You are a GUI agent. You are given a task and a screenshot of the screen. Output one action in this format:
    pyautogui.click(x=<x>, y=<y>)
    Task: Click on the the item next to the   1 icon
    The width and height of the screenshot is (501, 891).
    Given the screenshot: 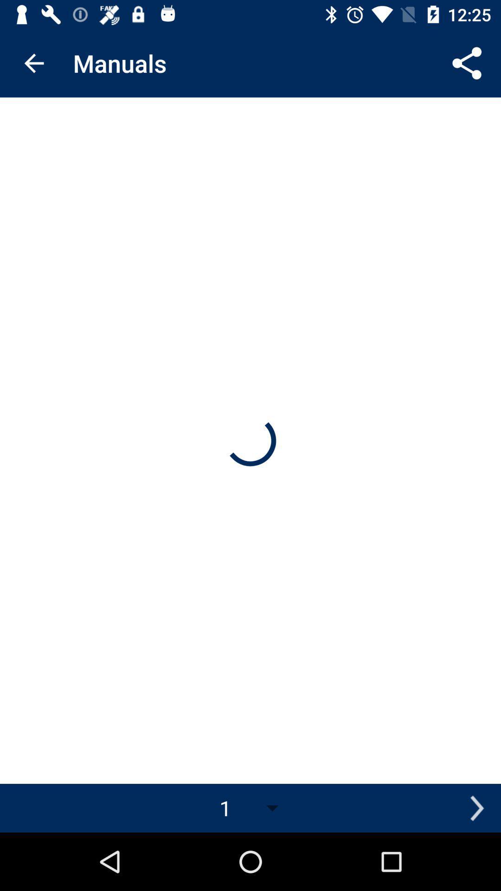 What is the action you would take?
    pyautogui.click(x=476, y=807)
    